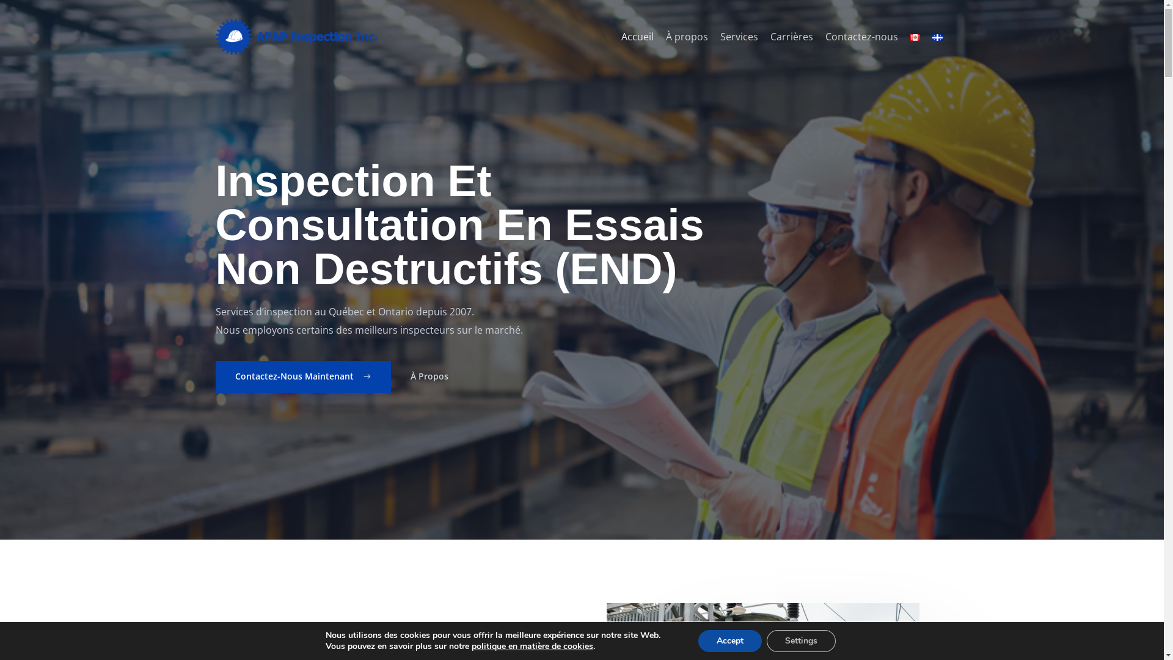 The image size is (1173, 660). I want to click on 'Services', so click(713, 36).